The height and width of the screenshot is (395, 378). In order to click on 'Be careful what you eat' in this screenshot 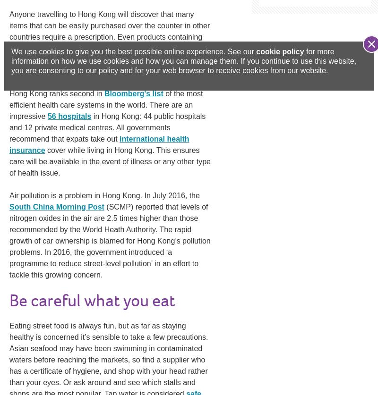, I will do `click(92, 301)`.